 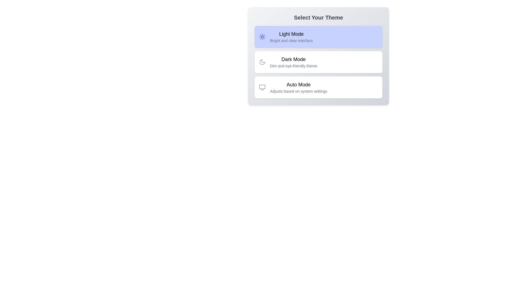 I want to click on the theme card for Light mode, so click(x=319, y=37).